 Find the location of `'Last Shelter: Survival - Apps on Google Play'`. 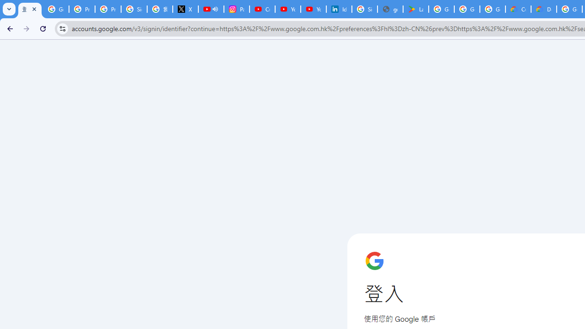

'Last Shelter: Survival - Apps on Google Play' is located at coordinates (415, 9).